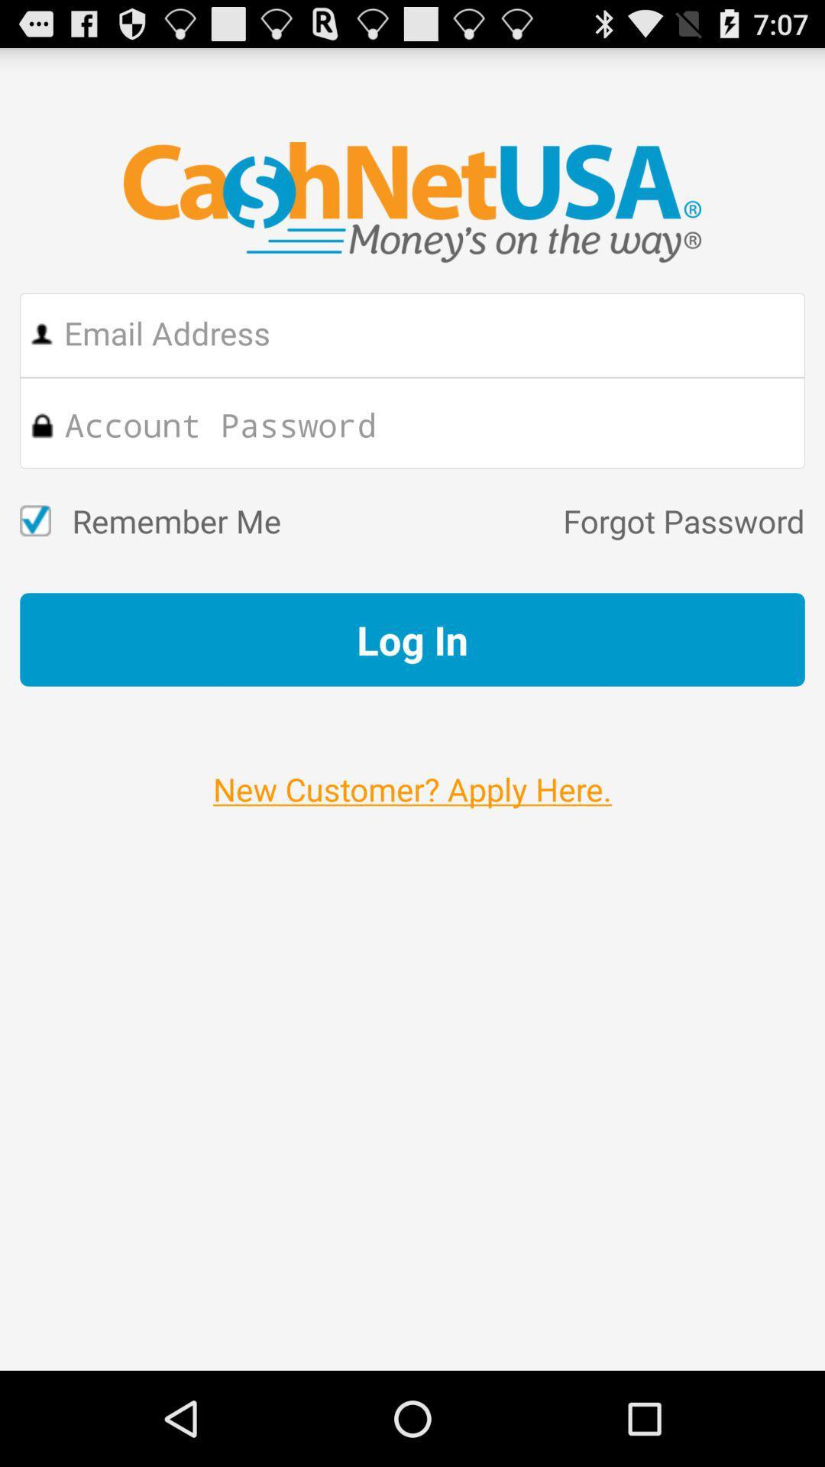 The image size is (825, 1467). What do you see at coordinates (412, 640) in the screenshot?
I see `the item above the new customer apply item` at bounding box center [412, 640].